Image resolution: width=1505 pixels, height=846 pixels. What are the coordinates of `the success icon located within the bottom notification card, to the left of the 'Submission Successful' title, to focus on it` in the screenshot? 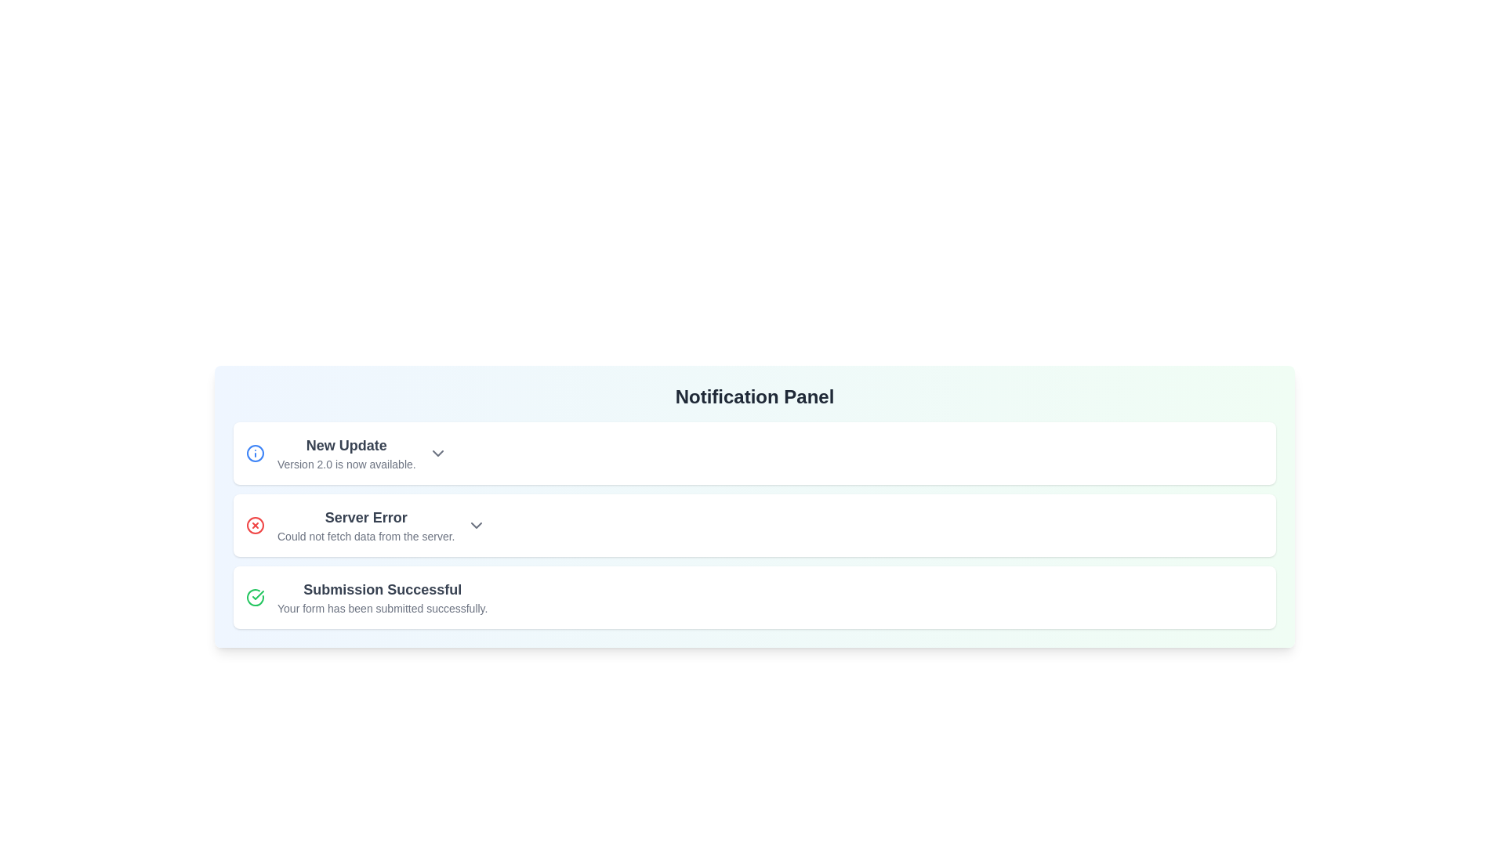 It's located at (256, 598).